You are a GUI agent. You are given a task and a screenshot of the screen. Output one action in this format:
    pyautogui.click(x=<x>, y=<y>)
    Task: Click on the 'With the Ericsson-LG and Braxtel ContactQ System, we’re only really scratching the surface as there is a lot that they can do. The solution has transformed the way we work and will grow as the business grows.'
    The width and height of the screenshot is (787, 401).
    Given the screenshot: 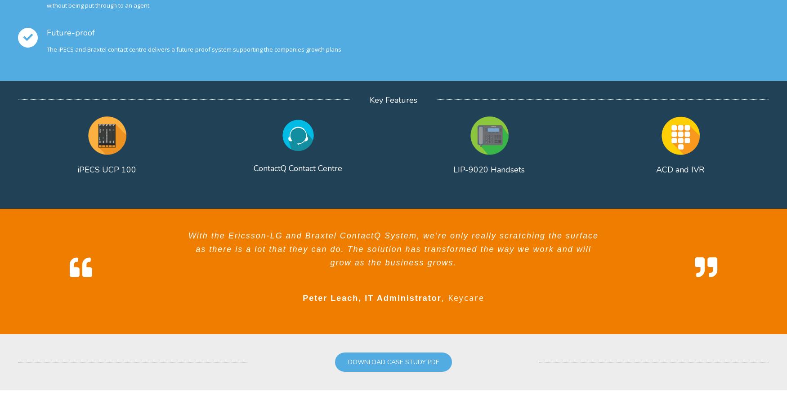 What is the action you would take?
    pyautogui.click(x=393, y=248)
    